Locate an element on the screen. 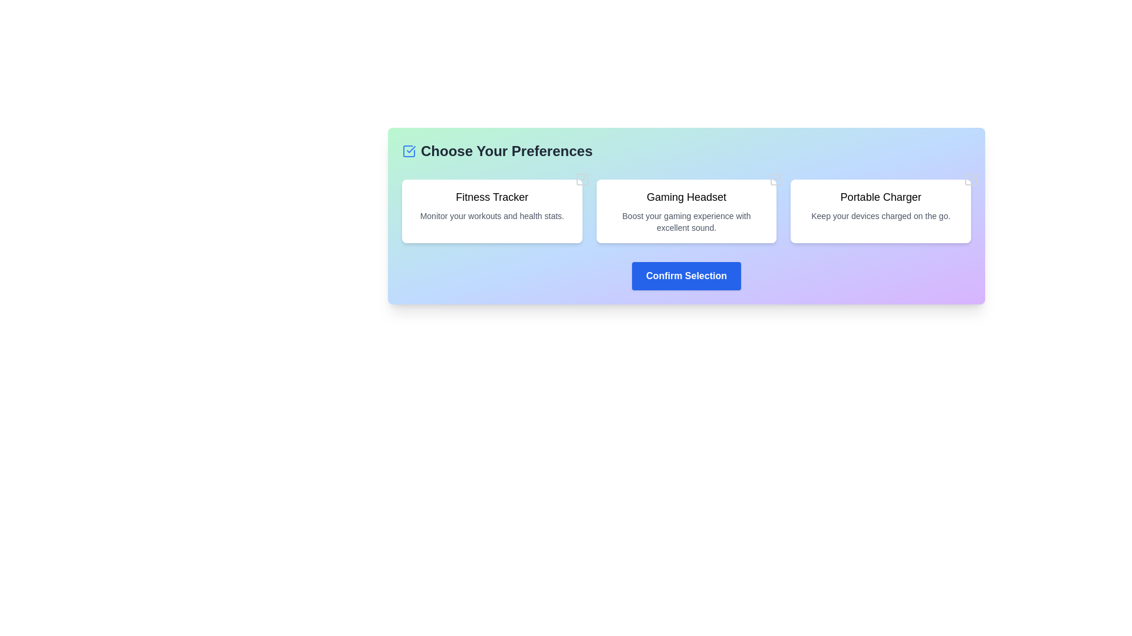 The image size is (1132, 636). the text element displaying 'Monitor your workouts and health stats.' which is located directly below the 'Fitness Tracker' headline is located at coordinates (492, 216).